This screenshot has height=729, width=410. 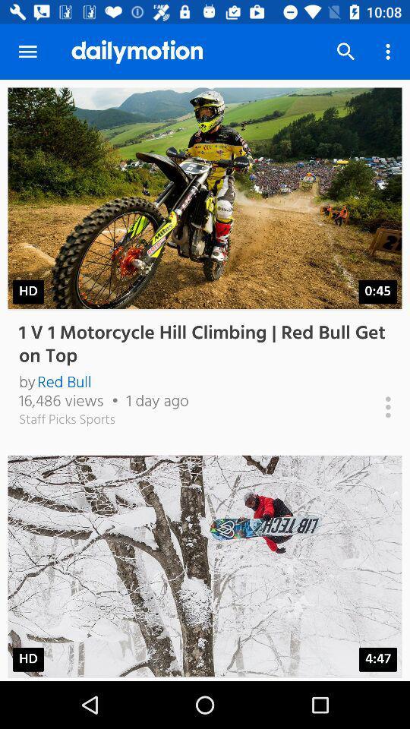 I want to click on more information on 1 v 1 motorcycle hill climbing, so click(x=372, y=406).